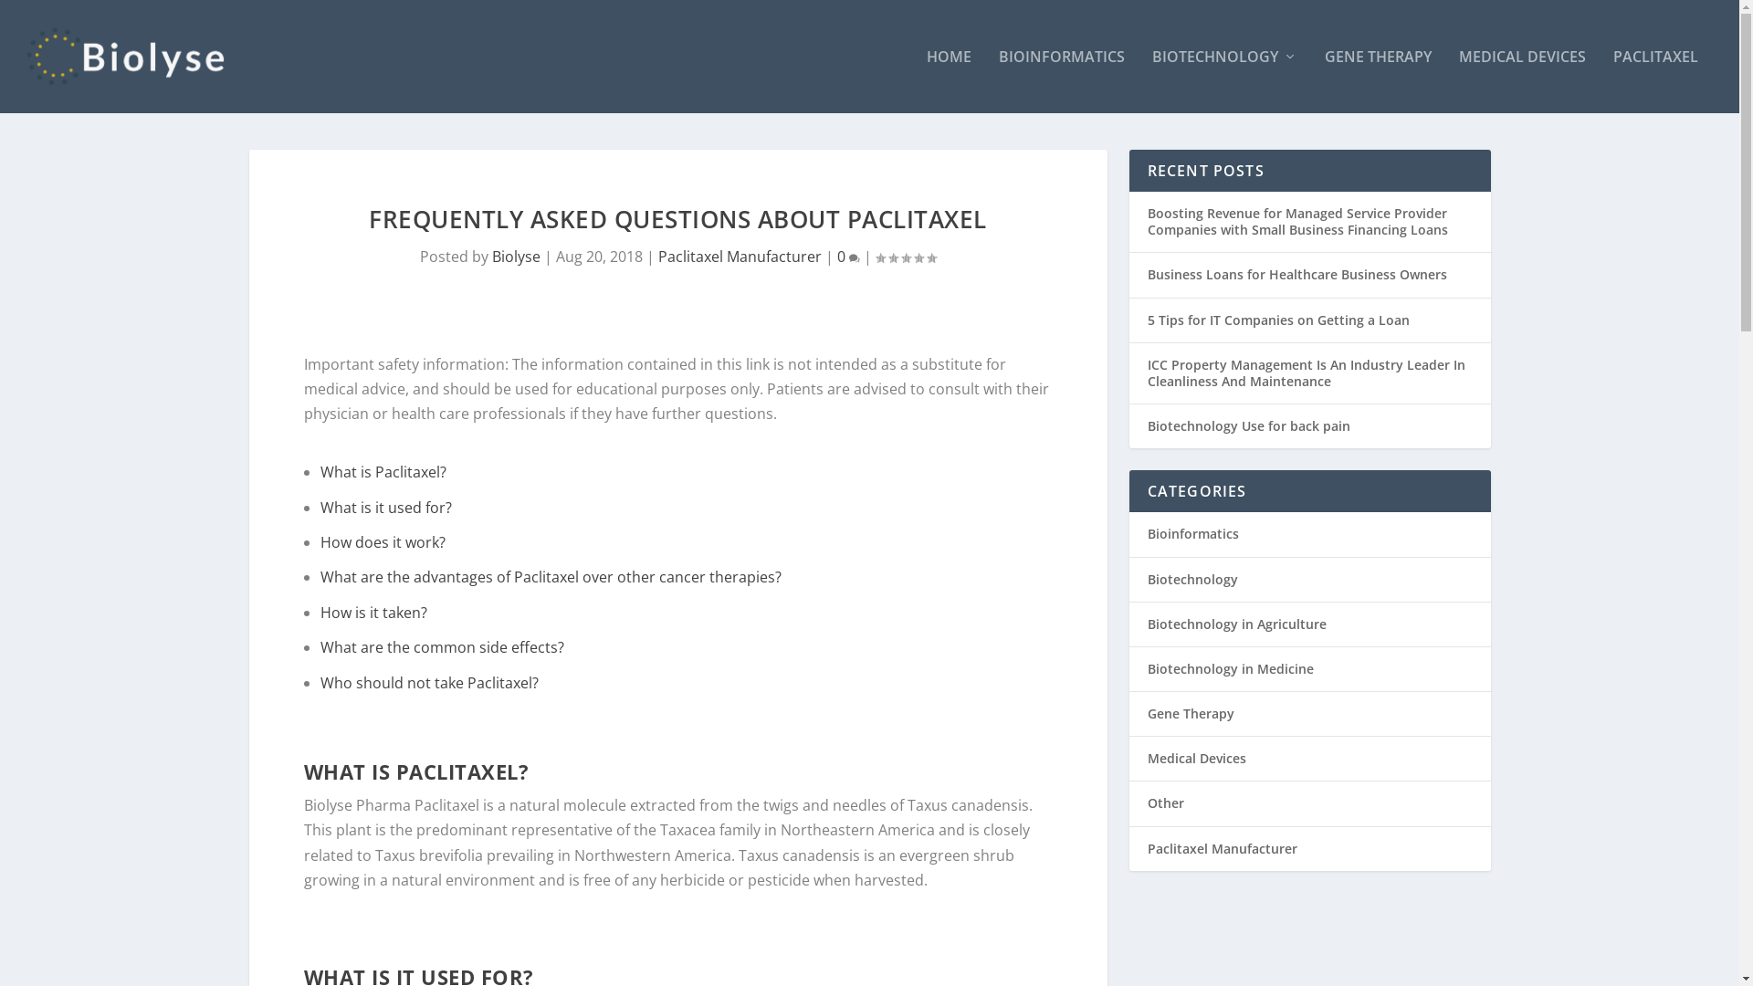 This screenshot has height=986, width=1753. I want to click on 'How does it work?', so click(382, 541).